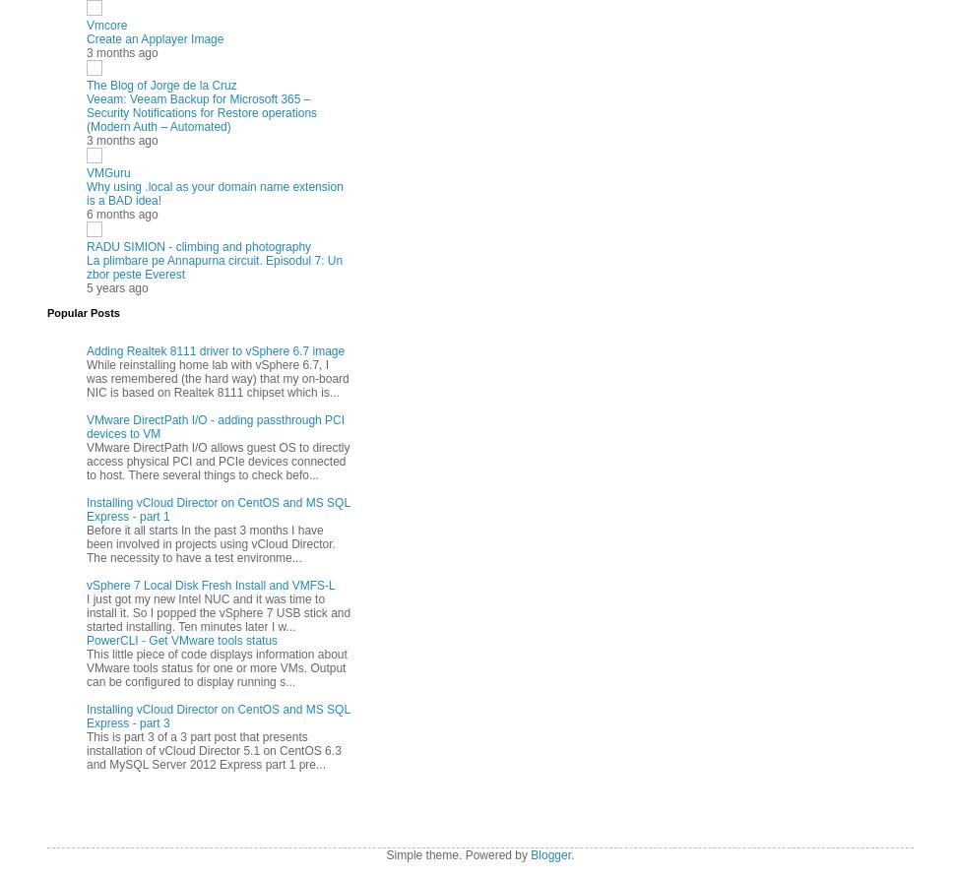  What do you see at coordinates (199, 246) in the screenshot?
I see `'RADU SIMION - climbing and photography'` at bounding box center [199, 246].